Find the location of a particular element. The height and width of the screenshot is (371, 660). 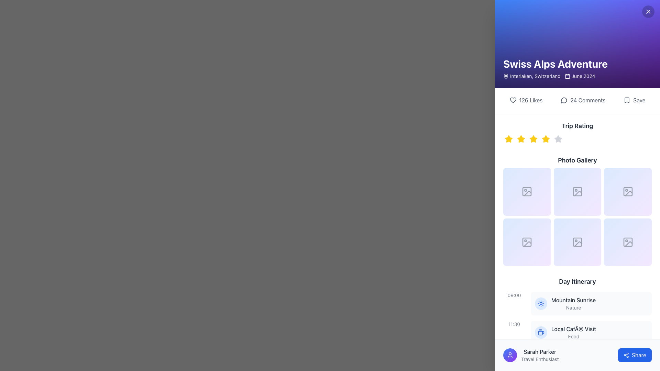

the interactive button located in the top section of the right panel, which is the first button in a horizontal group of 'Likes', 'Comments', and 'Save' is located at coordinates (526, 100).